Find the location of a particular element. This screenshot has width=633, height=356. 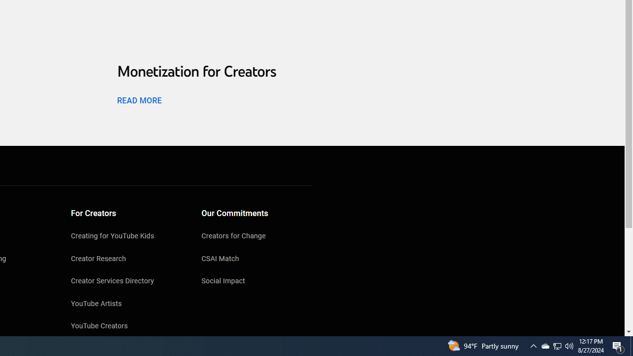

'Creating for YouTube Kids' is located at coordinates (126, 237).